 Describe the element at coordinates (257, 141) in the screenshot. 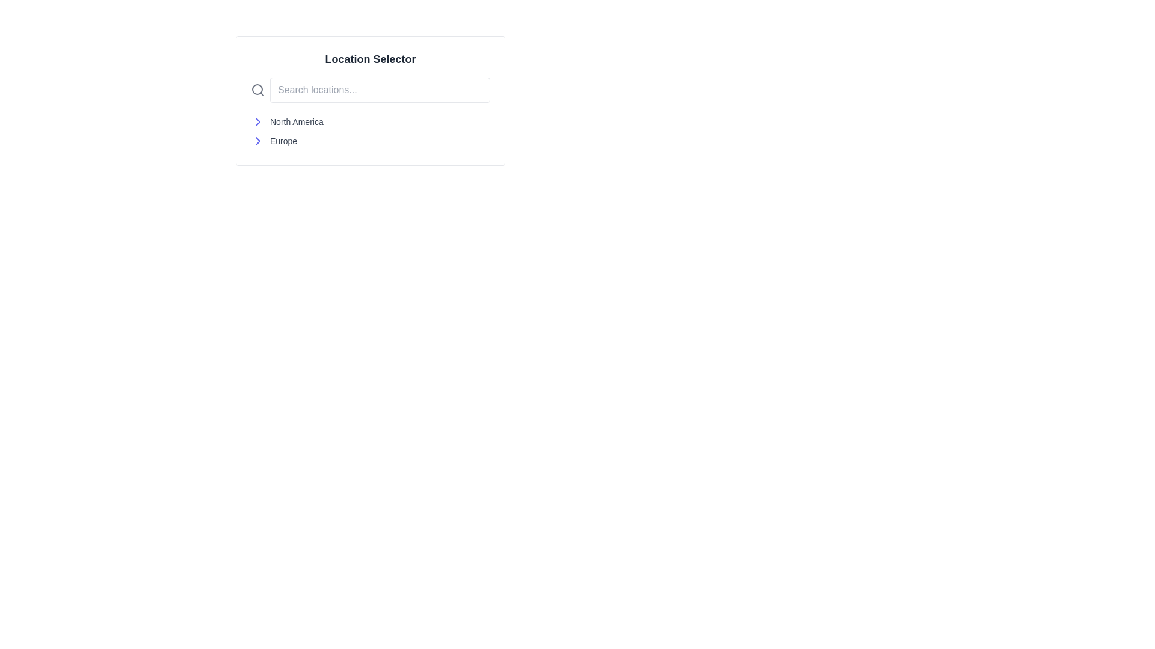

I see `the right arrow icon located to the left of the 'Europe' text in the 'Location Selector' section` at that location.